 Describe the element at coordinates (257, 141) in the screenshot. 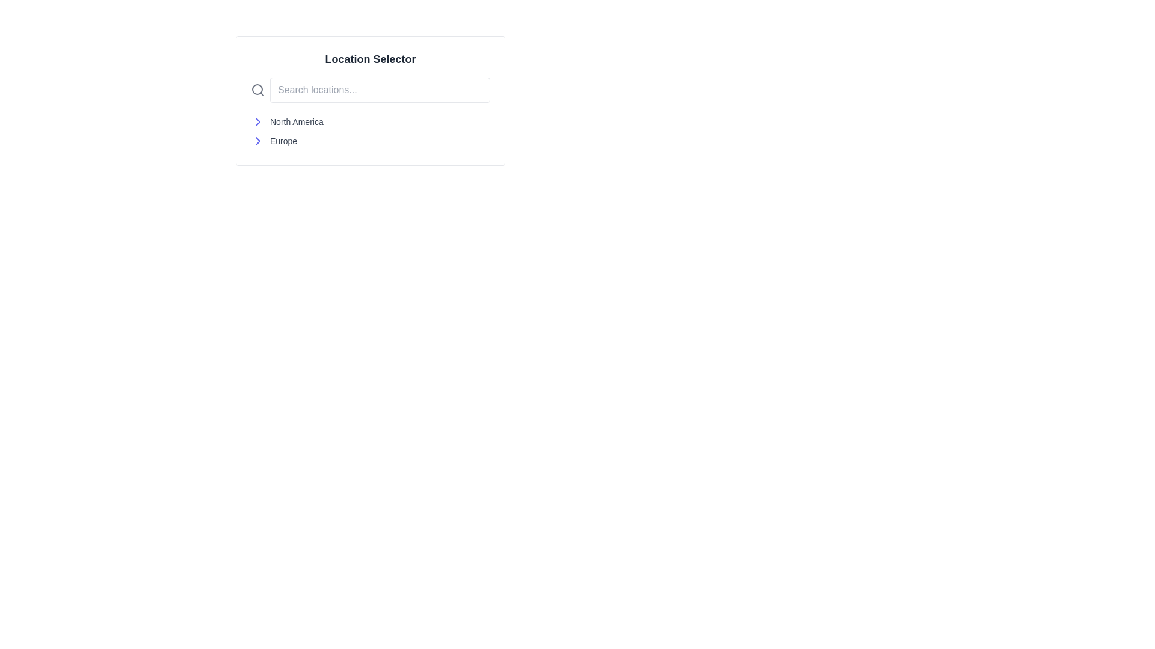

I see `the right arrow icon located to the left of the 'Europe' text in the 'Location Selector' section` at that location.